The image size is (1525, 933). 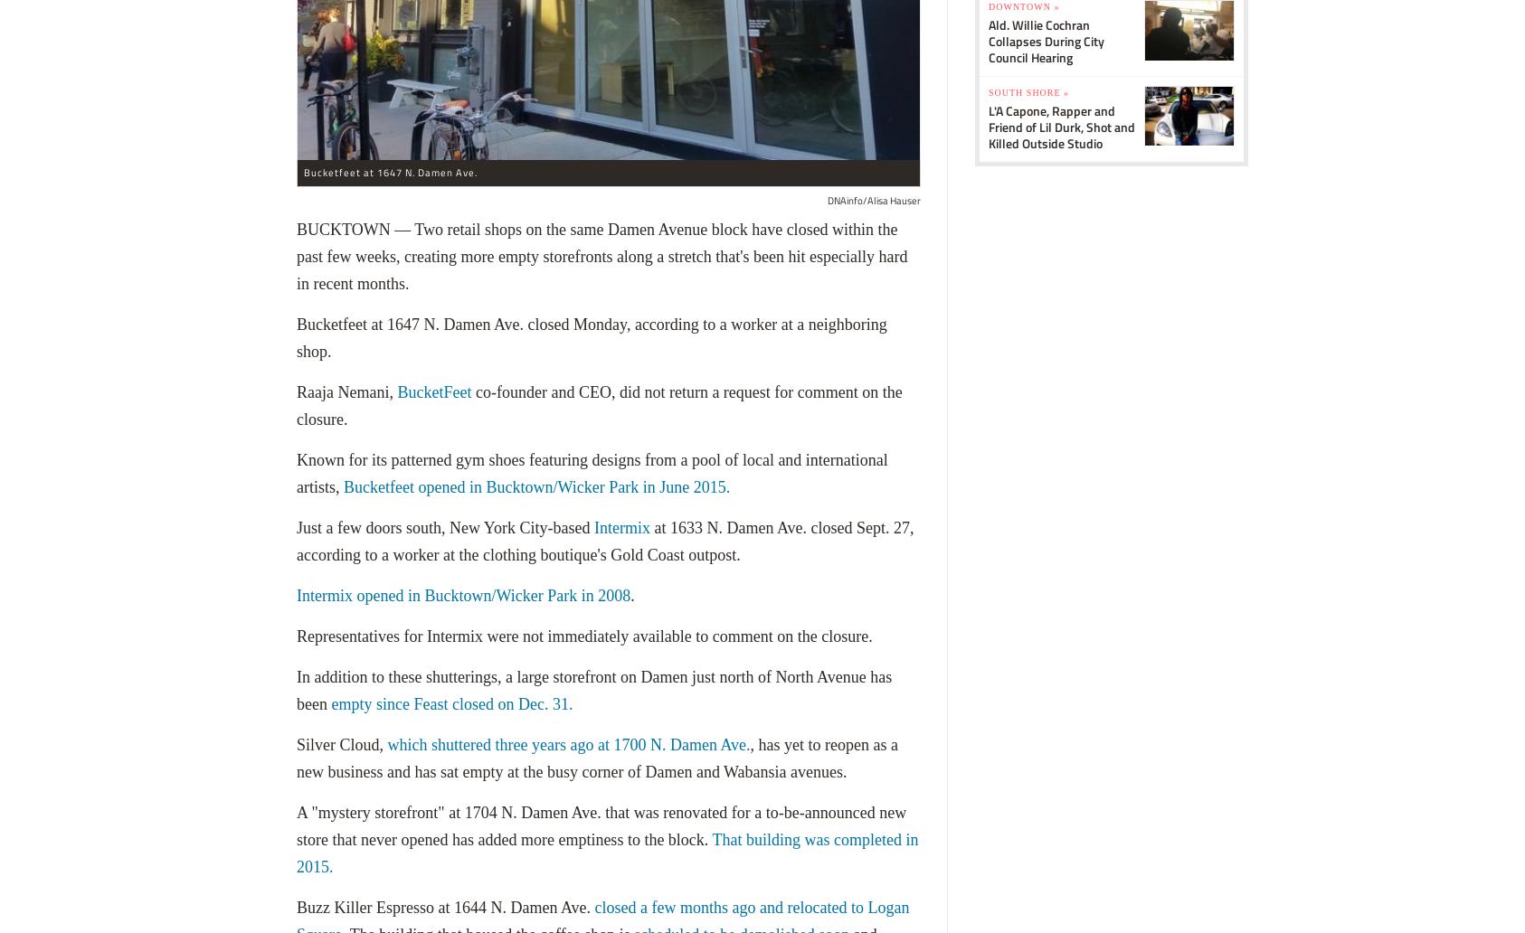 What do you see at coordinates (295, 541) in the screenshot?
I see `'at 1633 N. Damen Ave. closed Sept. 27, according to a worker at the clothing boutique's Gold Coast outpost.'` at bounding box center [295, 541].